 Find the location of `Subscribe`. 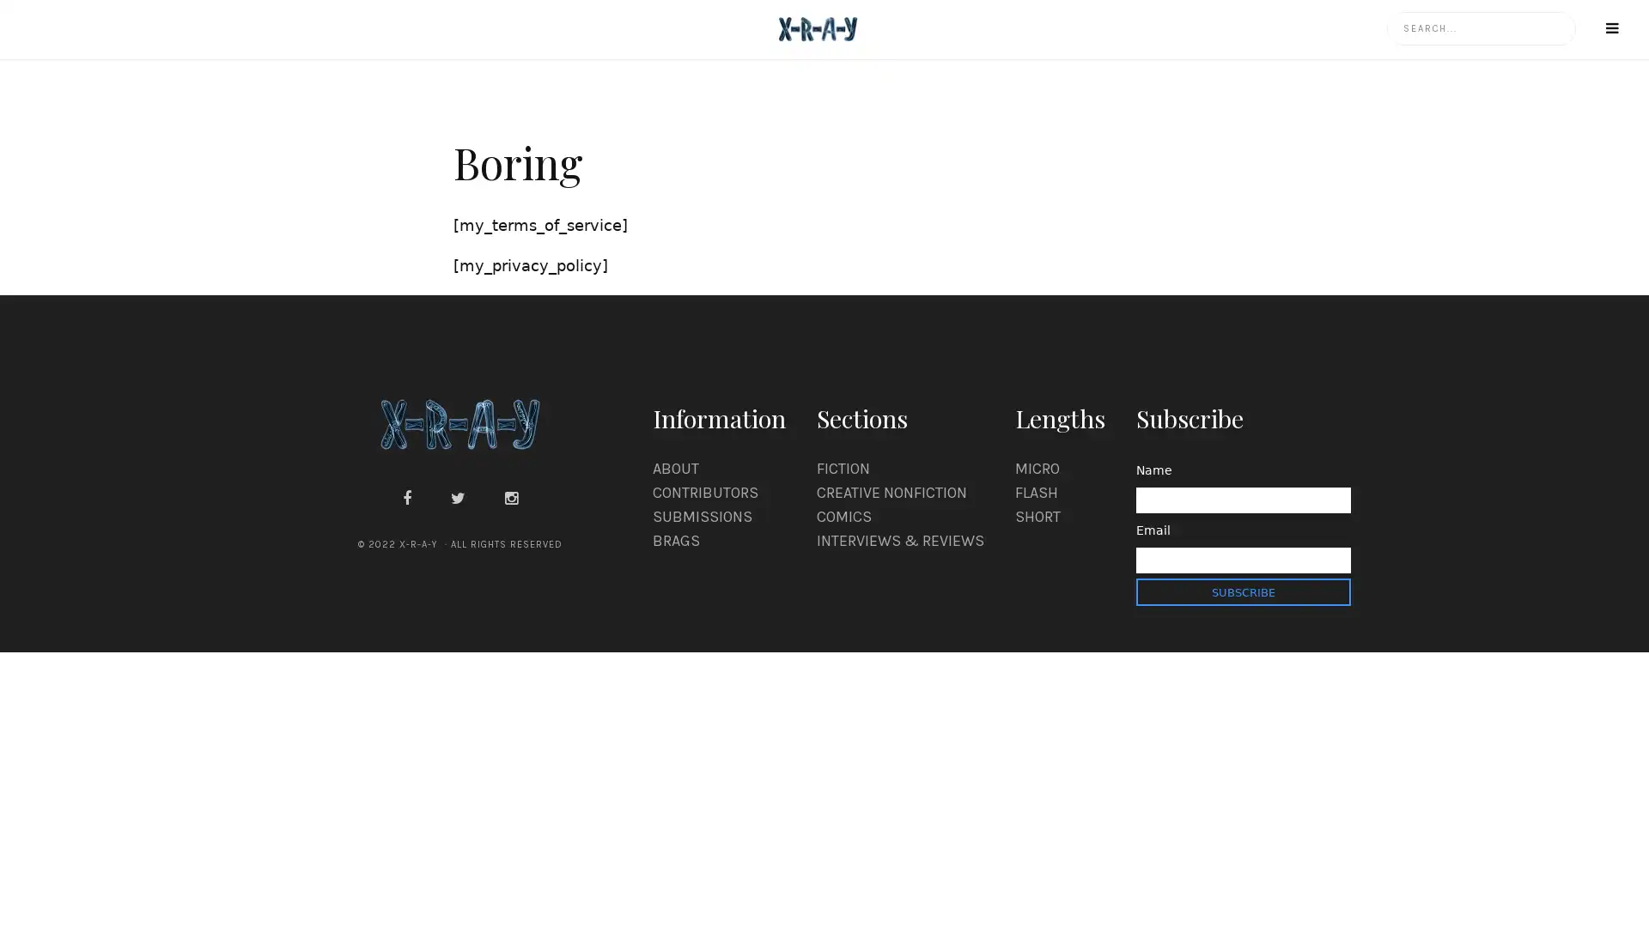

Subscribe is located at coordinates (1242, 591).